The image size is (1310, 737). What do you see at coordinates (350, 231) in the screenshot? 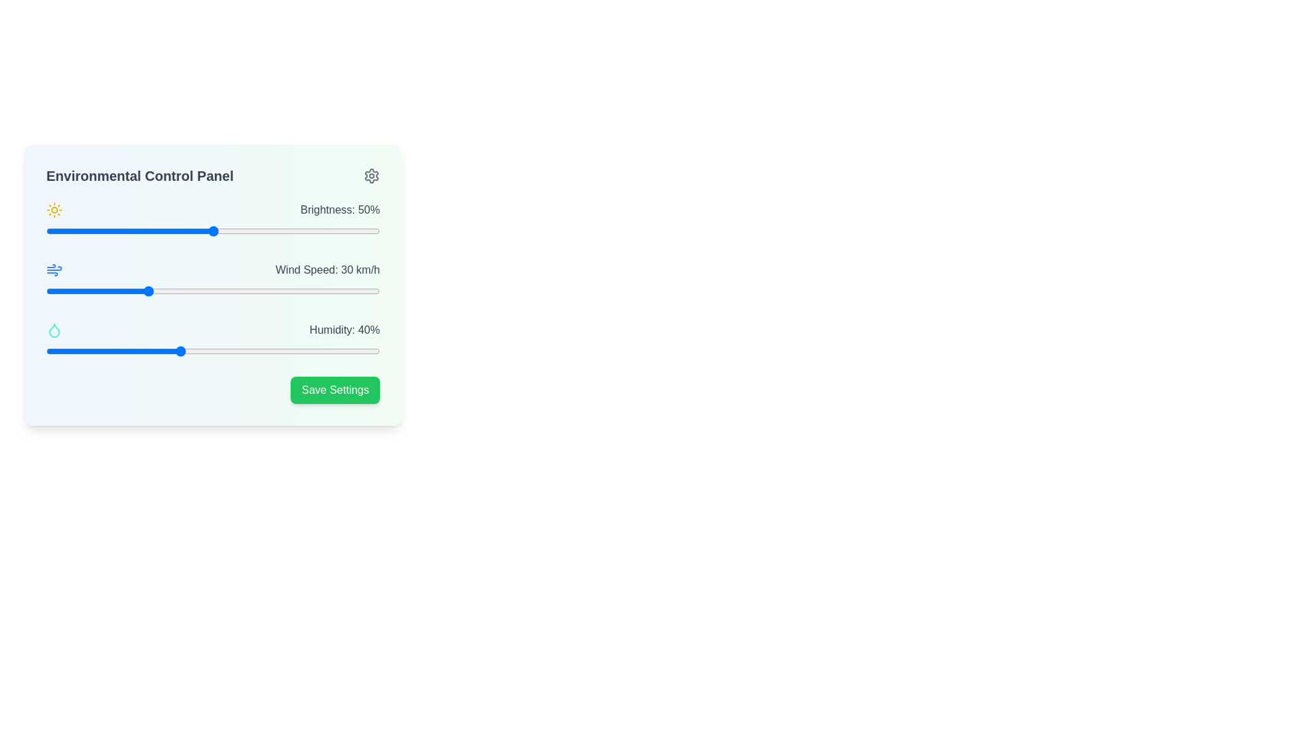
I see `the slider value` at bounding box center [350, 231].